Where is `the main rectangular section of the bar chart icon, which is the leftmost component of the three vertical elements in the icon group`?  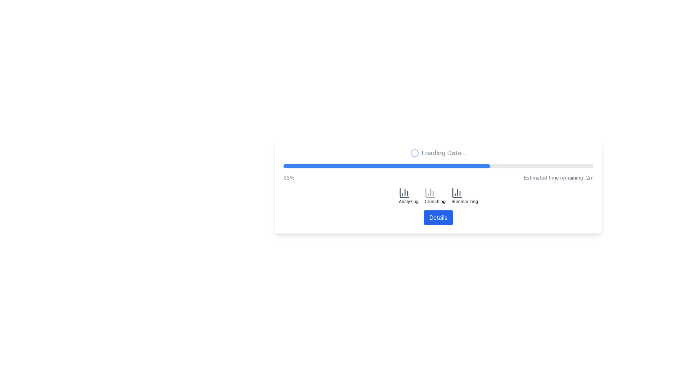
the main rectangular section of the bar chart icon, which is the leftmost component of the three vertical elements in the icon group is located at coordinates (404, 192).